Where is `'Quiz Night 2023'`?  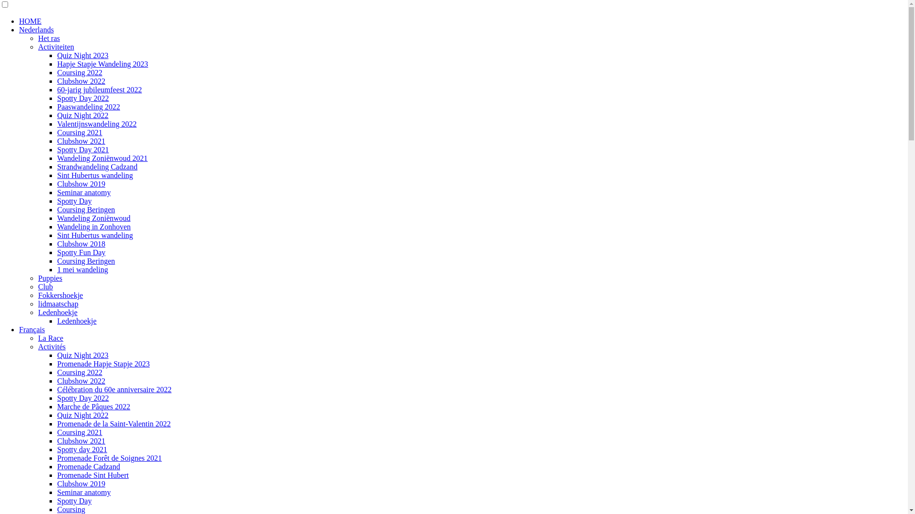 'Quiz Night 2023' is located at coordinates (82, 355).